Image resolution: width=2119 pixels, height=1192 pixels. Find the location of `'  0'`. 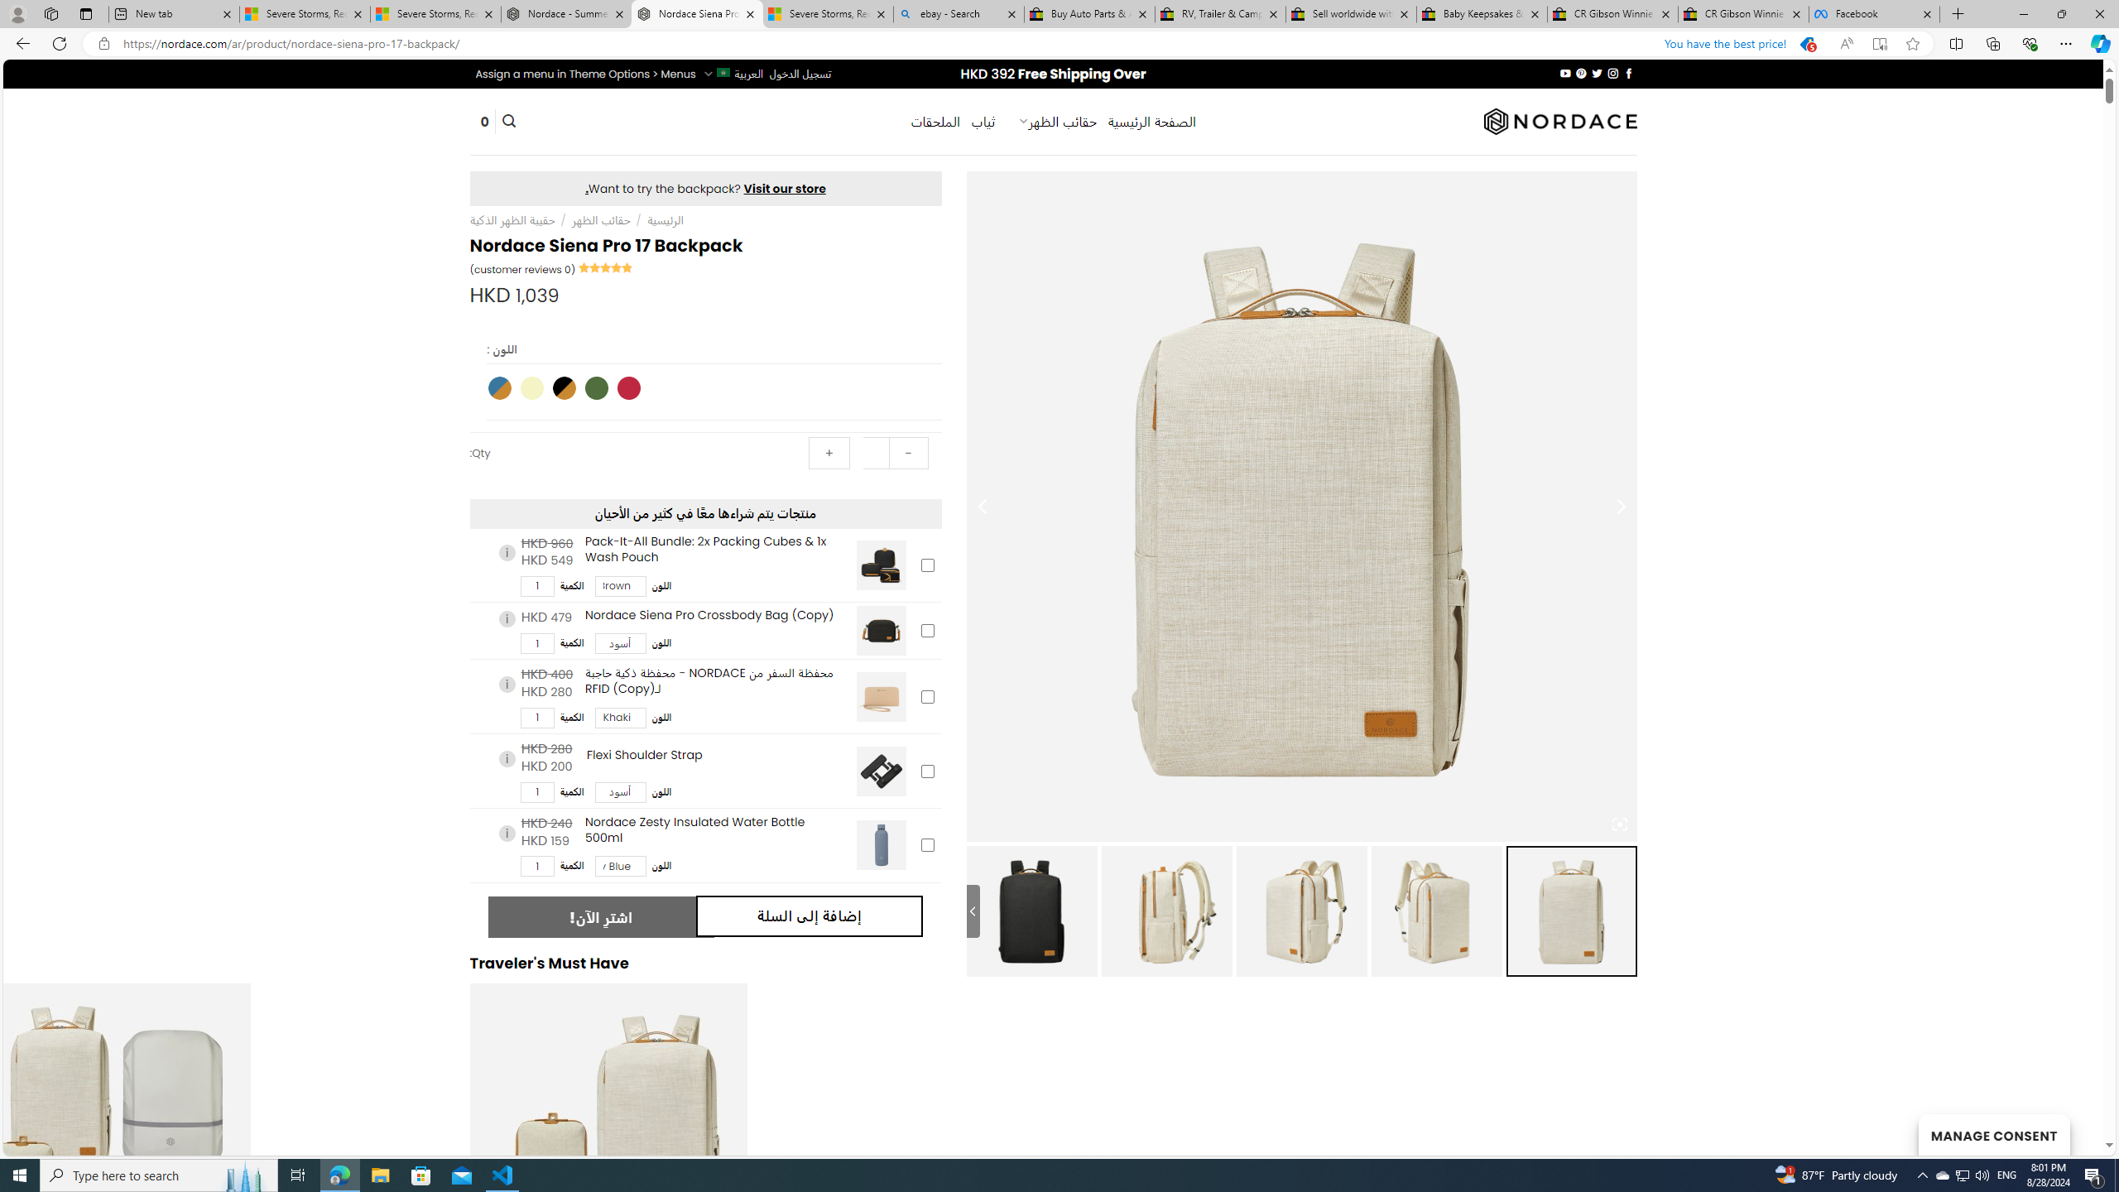

'  0' is located at coordinates (485, 121).